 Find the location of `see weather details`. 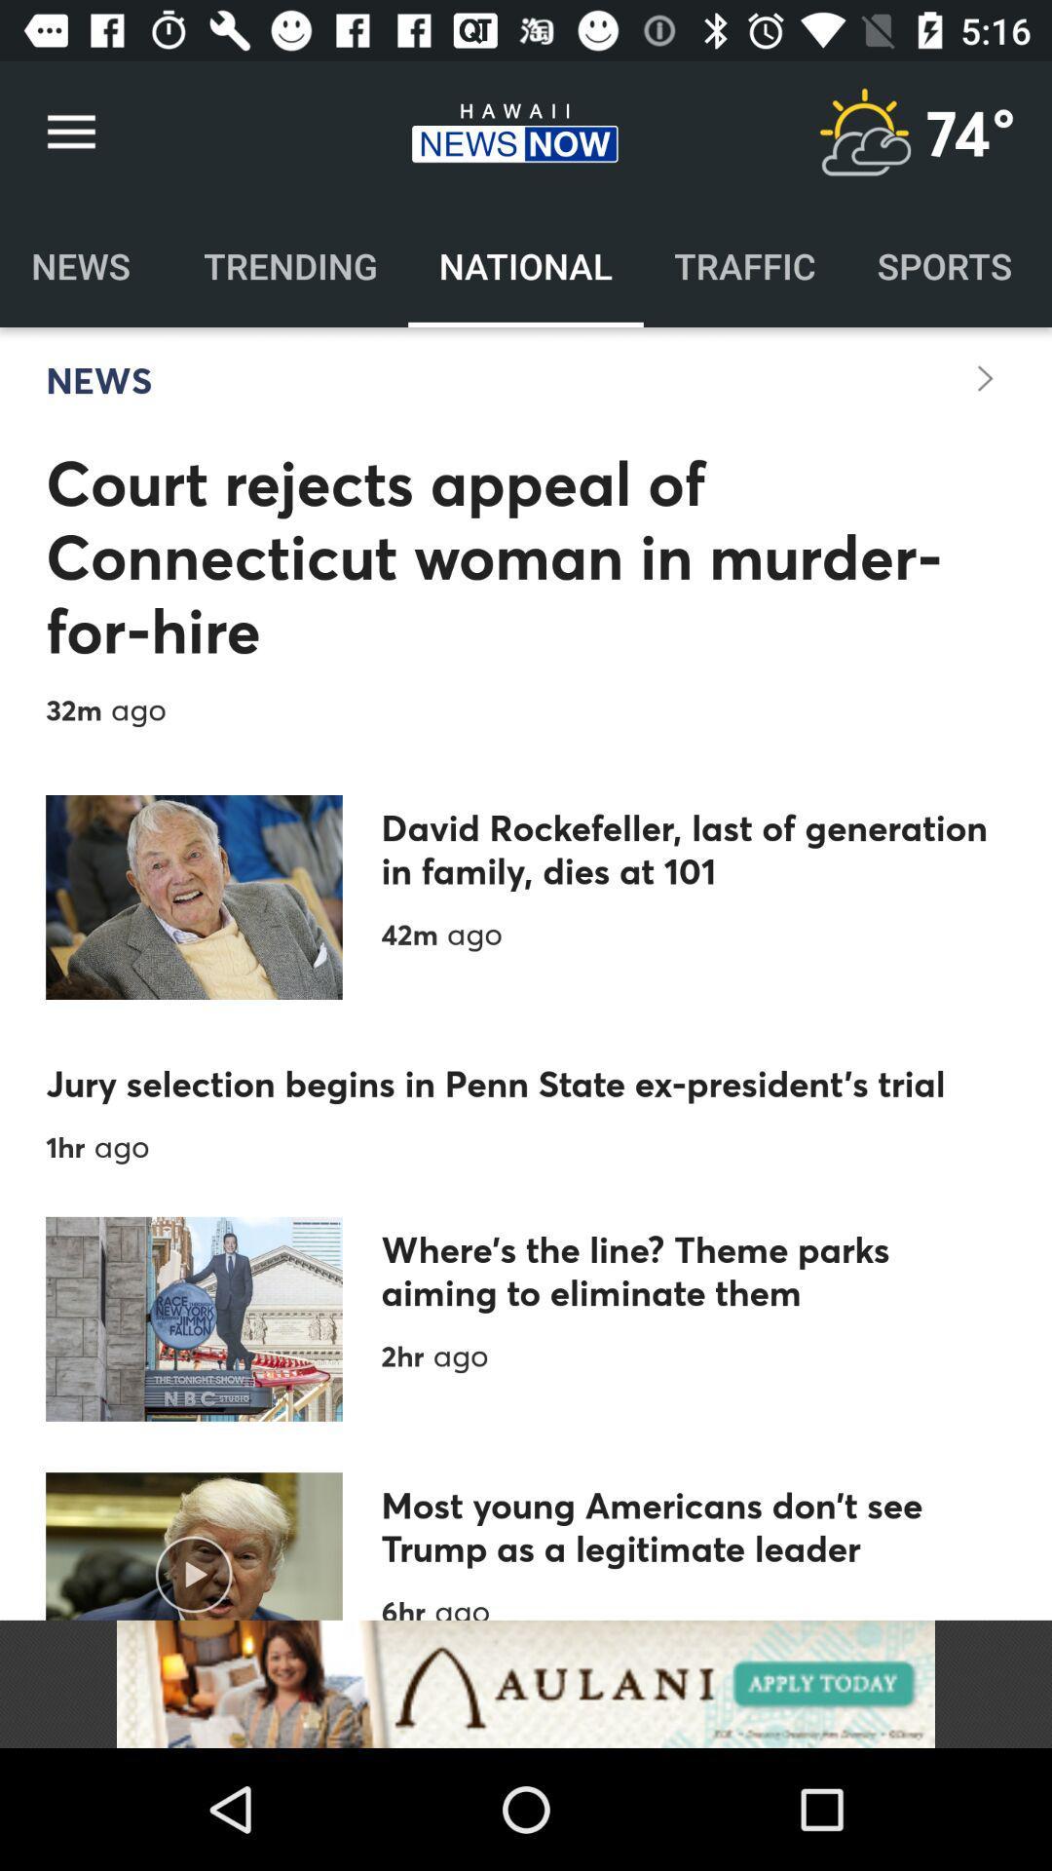

see weather details is located at coordinates (863, 132).